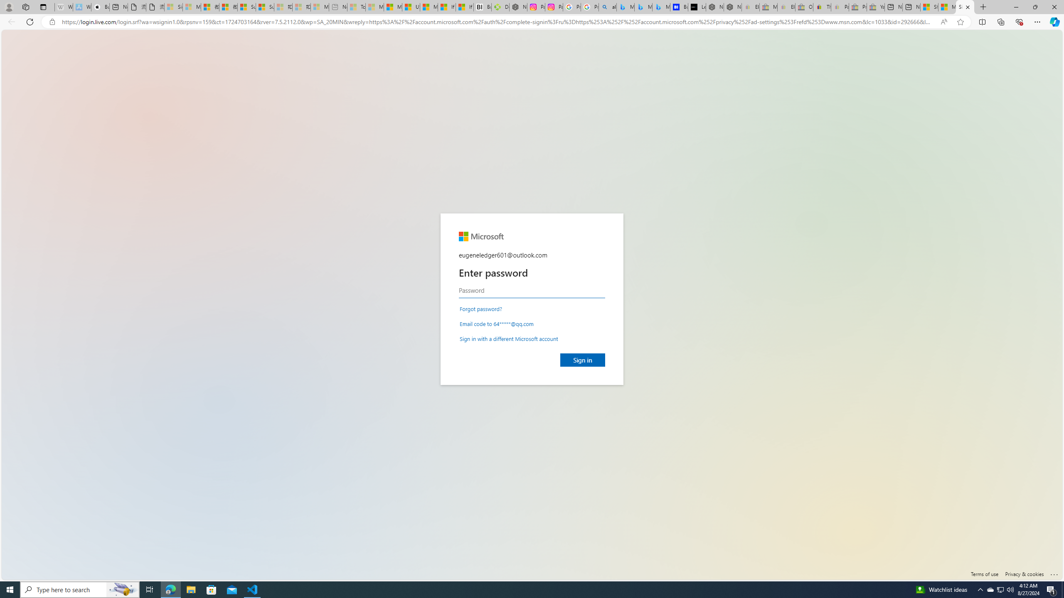  Describe the element at coordinates (1025, 573) in the screenshot. I see `'Privacy & cookies'` at that location.